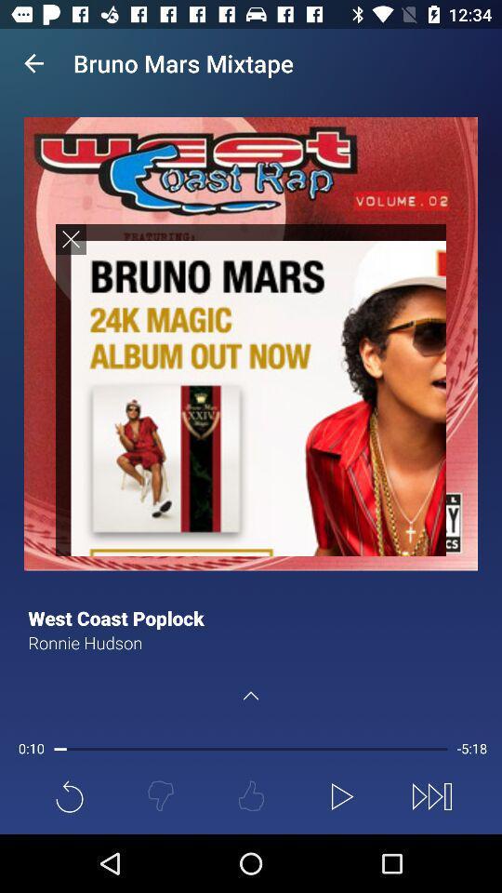  What do you see at coordinates (251, 795) in the screenshot?
I see `the thumbs_up icon` at bounding box center [251, 795].